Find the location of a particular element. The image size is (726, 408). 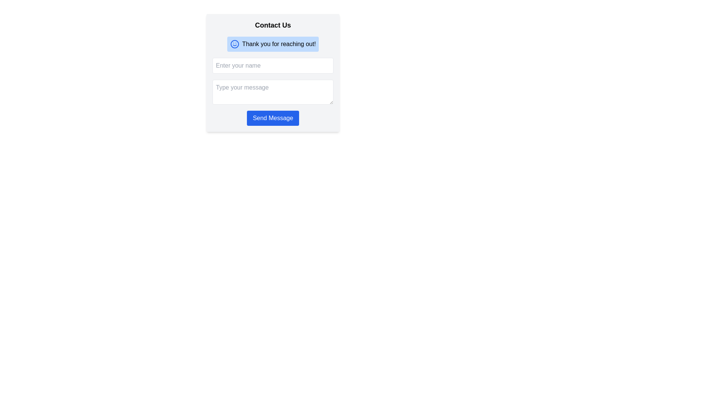

the blue circular graphic element located within the smiley face icon in the 'Thank you for reaching out!' notification at the top left of the form is located at coordinates (234, 44).